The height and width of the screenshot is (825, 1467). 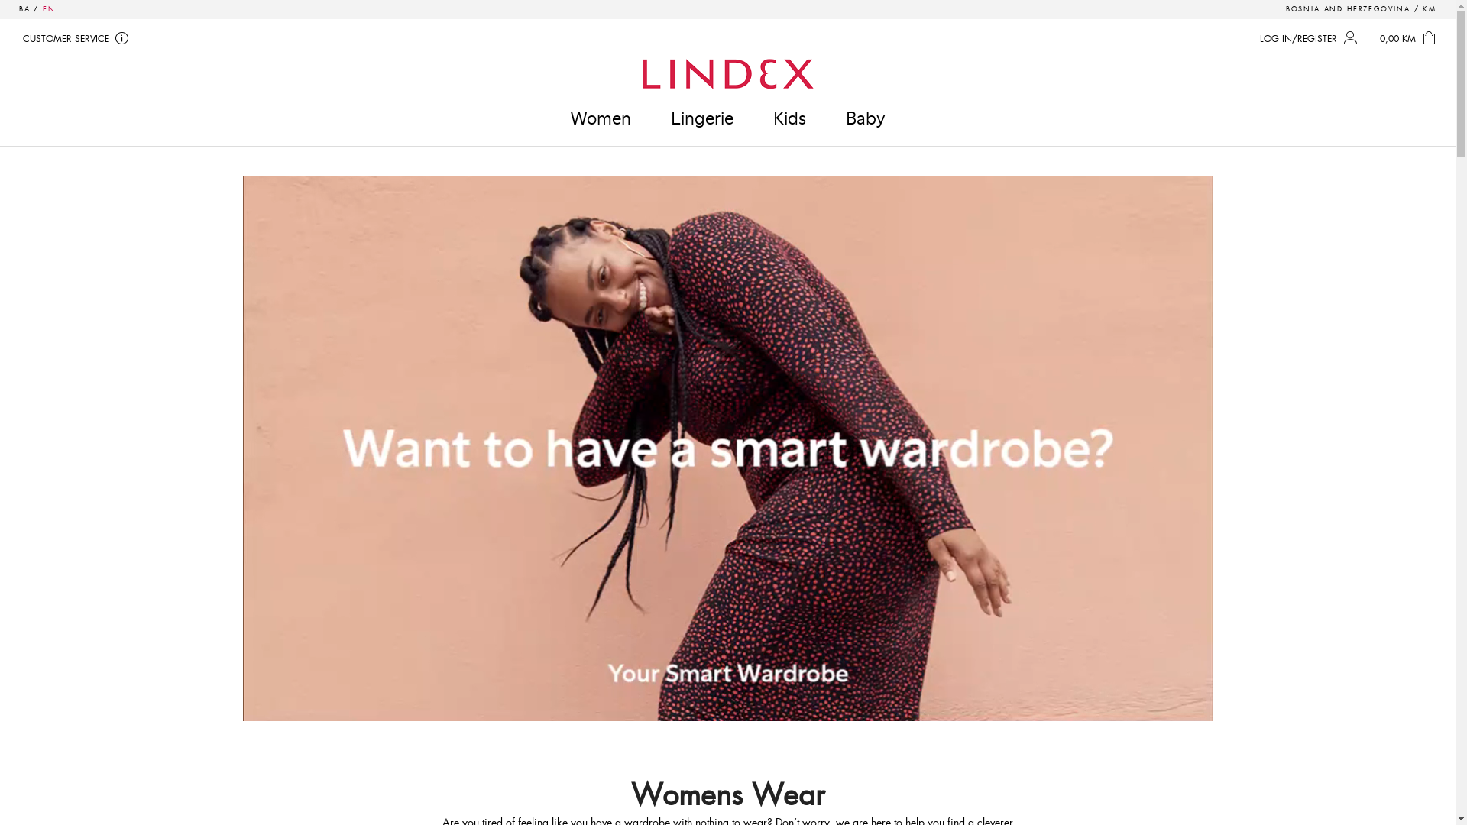 What do you see at coordinates (865, 117) in the screenshot?
I see `'Baby'` at bounding box center [865, 117].